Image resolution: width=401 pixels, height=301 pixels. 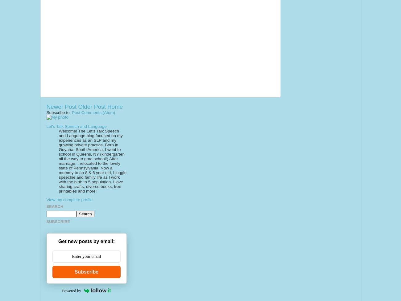 What do you see at coordinates (71, 290) in the screenshot?
I see `'Powered by'` at bounding box center [71, 290].